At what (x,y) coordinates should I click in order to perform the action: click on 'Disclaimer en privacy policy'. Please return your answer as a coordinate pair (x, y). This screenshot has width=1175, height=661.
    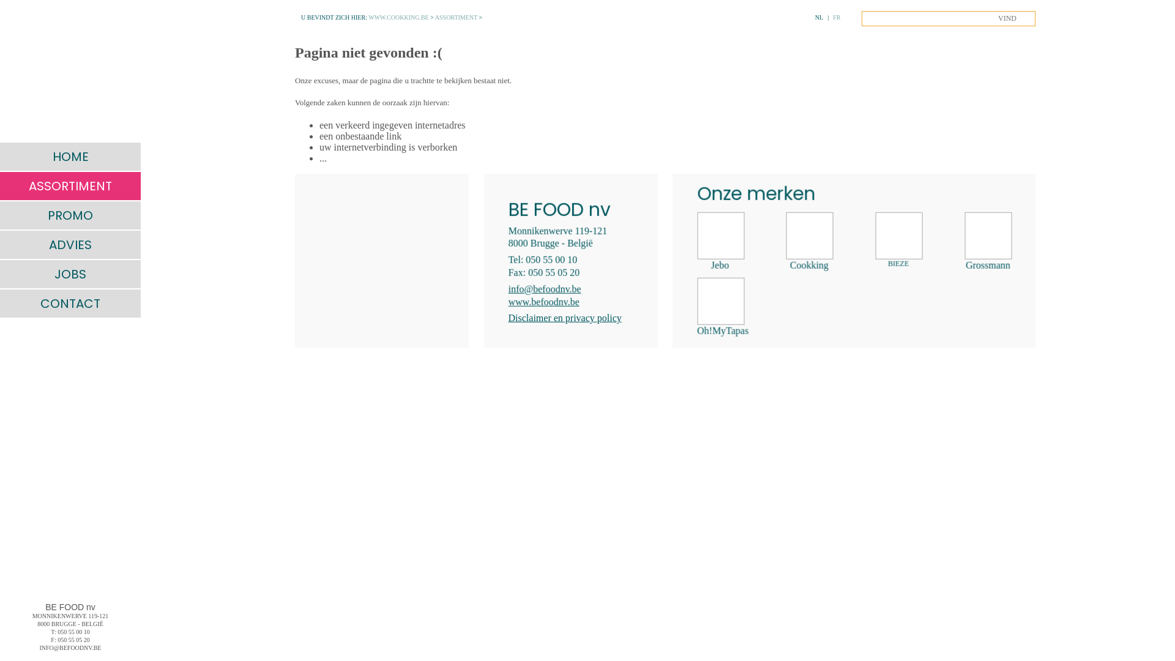
    Looking at the image, I should click on (508, 317).